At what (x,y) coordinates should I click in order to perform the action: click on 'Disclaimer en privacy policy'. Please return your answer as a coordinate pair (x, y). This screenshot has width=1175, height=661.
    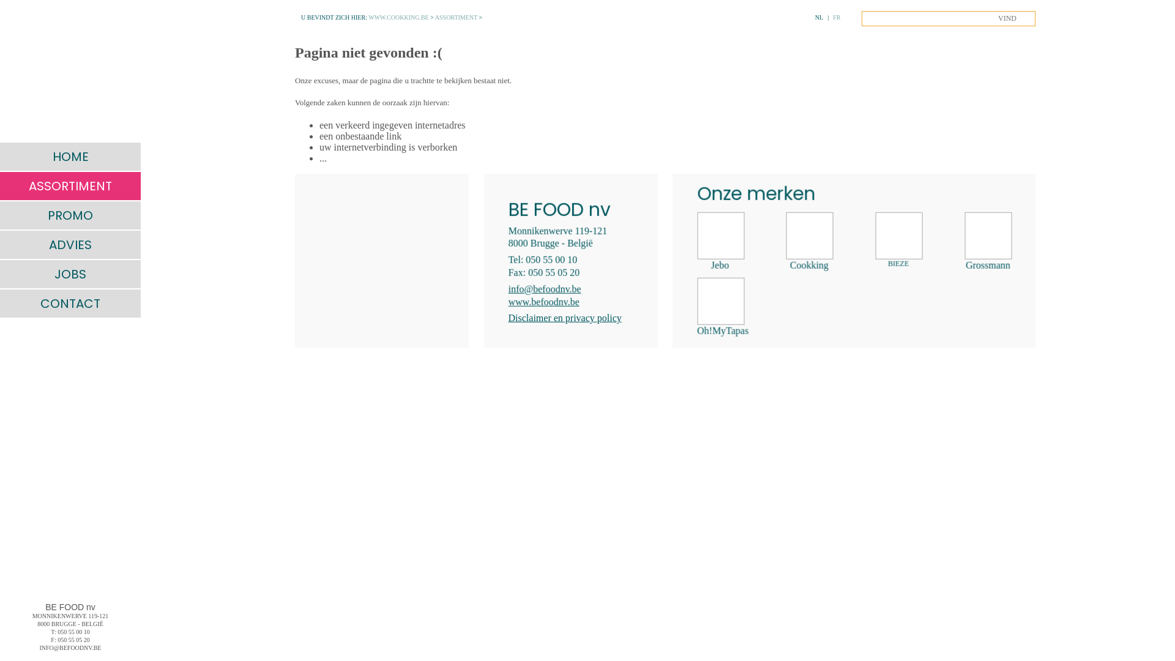
    Looking at the image, I should click on (508, 317).